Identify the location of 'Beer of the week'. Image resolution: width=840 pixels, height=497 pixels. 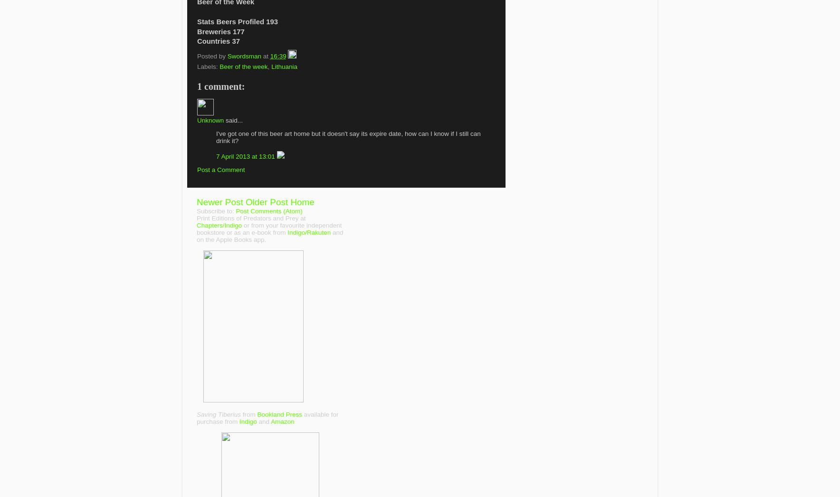
(243, 66).